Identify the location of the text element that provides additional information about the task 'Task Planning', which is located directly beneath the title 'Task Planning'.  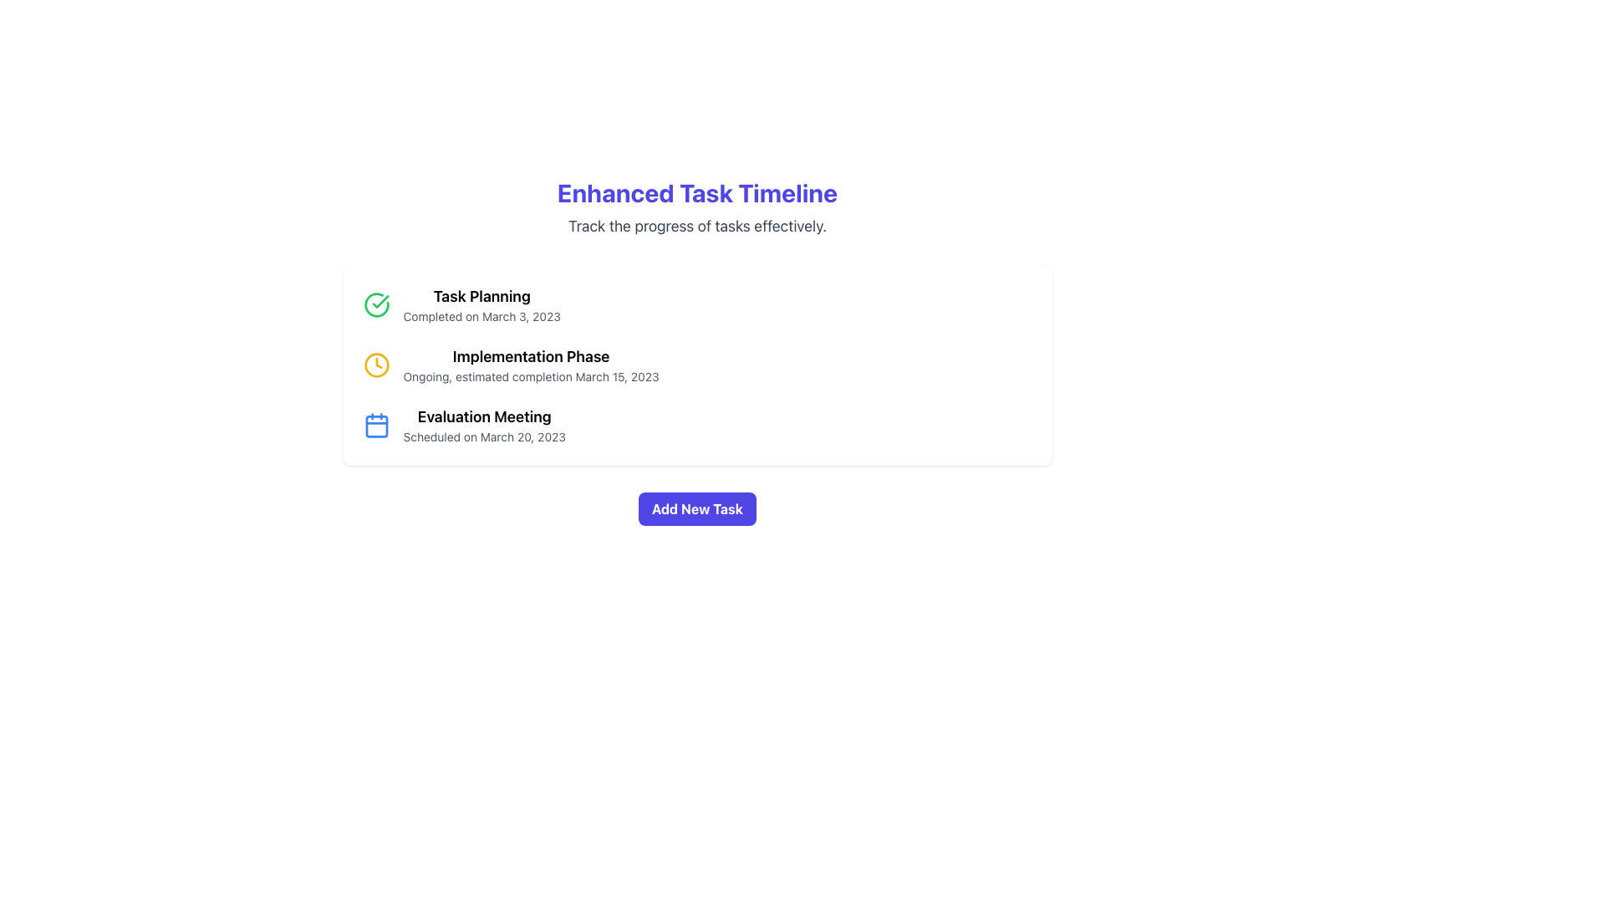
(481, 316).